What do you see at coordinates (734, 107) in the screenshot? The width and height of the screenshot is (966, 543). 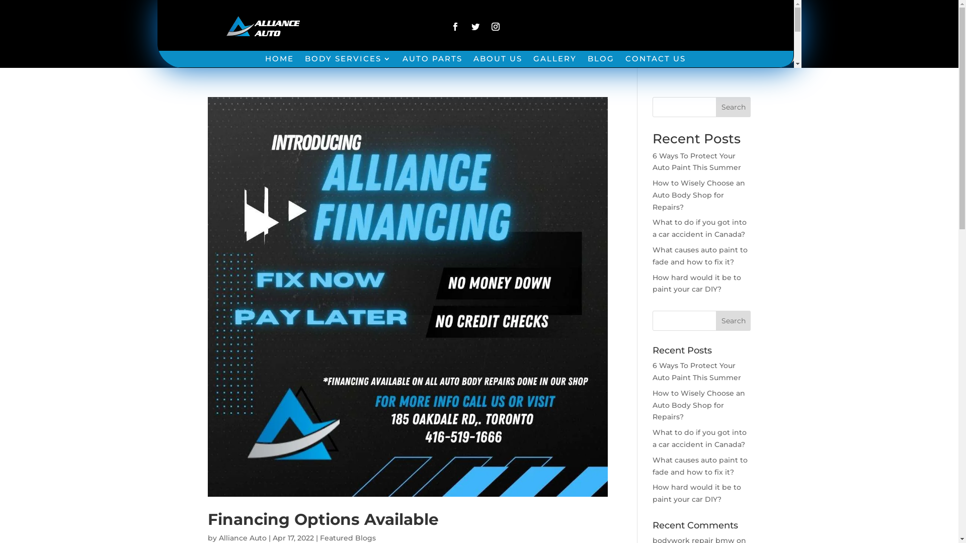 I see `'Search'` at bounding box center [734, 107].